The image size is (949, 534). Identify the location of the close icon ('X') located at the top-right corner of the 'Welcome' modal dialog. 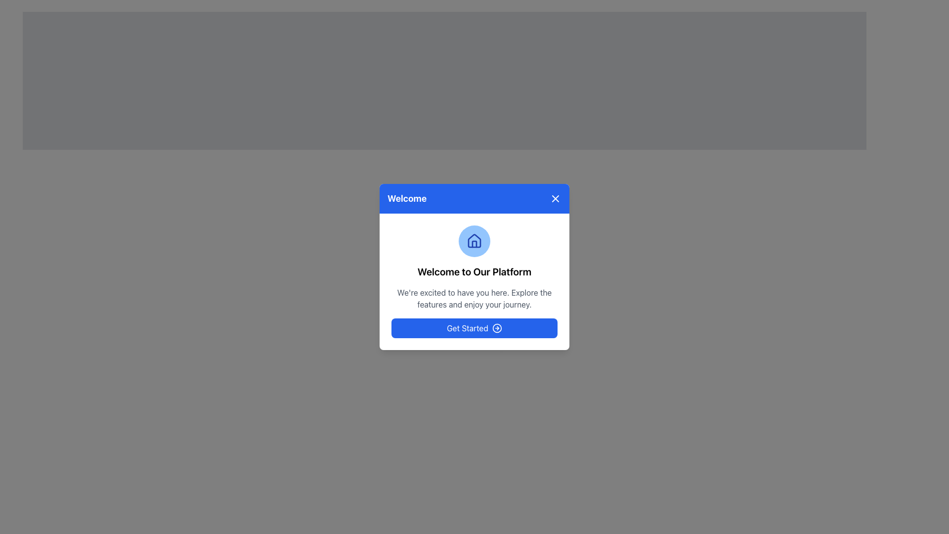
(555, 198).